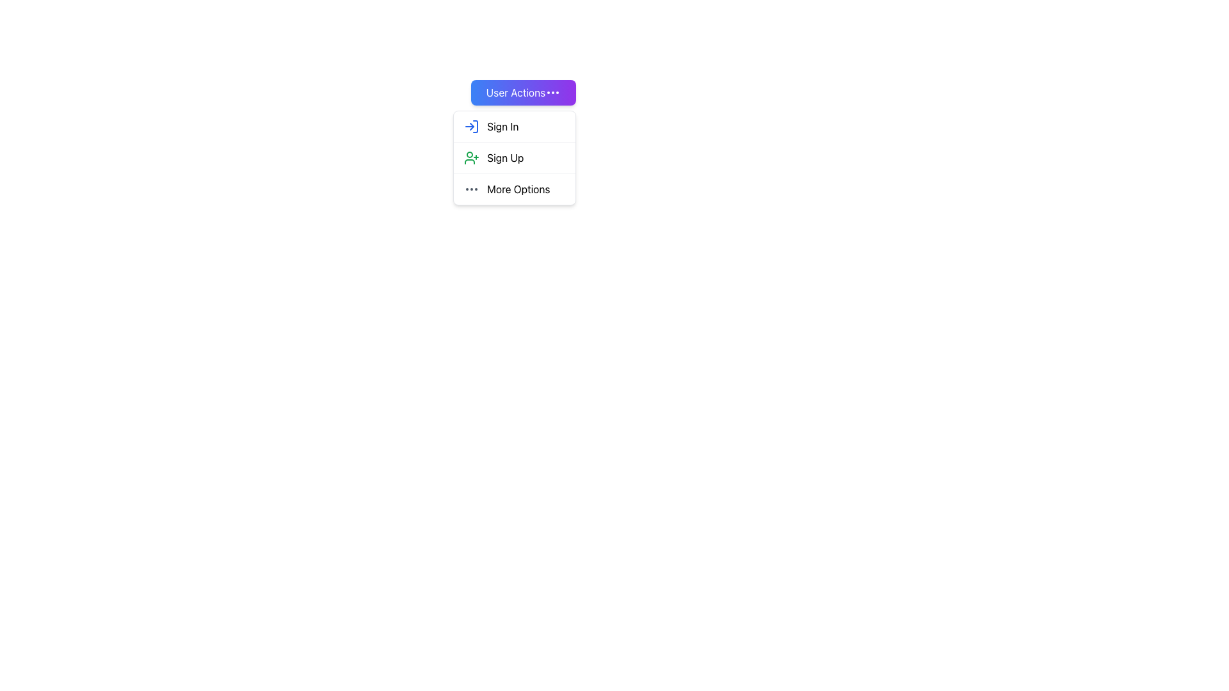 The image size is (1229, 691). I want to click on the 'Sign Up' option in the vertical menu, which is the second item in the list, so click(515, 157).